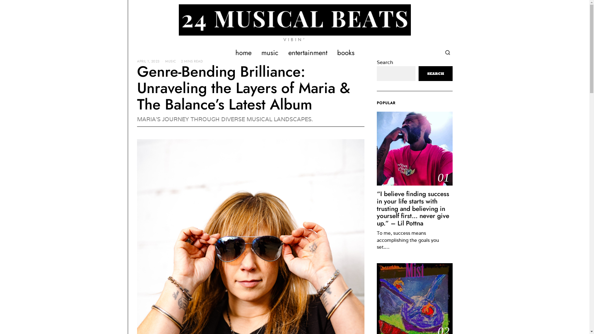 Image resolution: width=594 pixels, height=334 pixels. Describe the element at coordinates (415, 148) in the screenshot. I see `'01'` at that location.